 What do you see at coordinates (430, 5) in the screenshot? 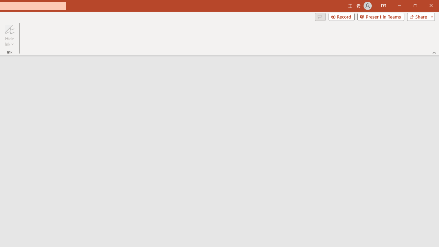
I see `'Close'` at bounding box center [430, 5].